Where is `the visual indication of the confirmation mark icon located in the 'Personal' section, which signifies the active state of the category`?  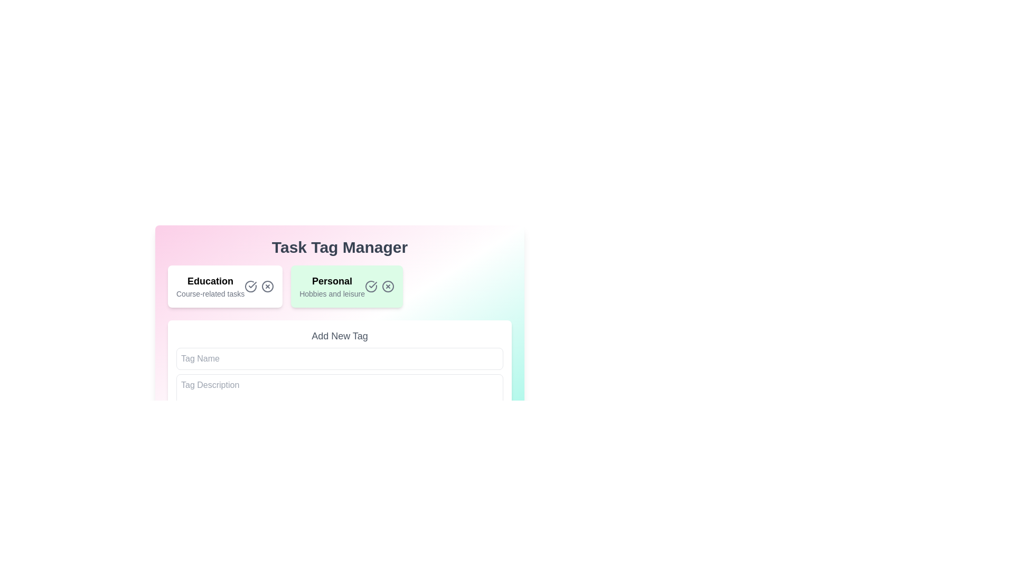 the visual indication of the confirmation mark icon located in the 'Personal' section, which signifies the active state of the category is located at coordinates (252, 285).